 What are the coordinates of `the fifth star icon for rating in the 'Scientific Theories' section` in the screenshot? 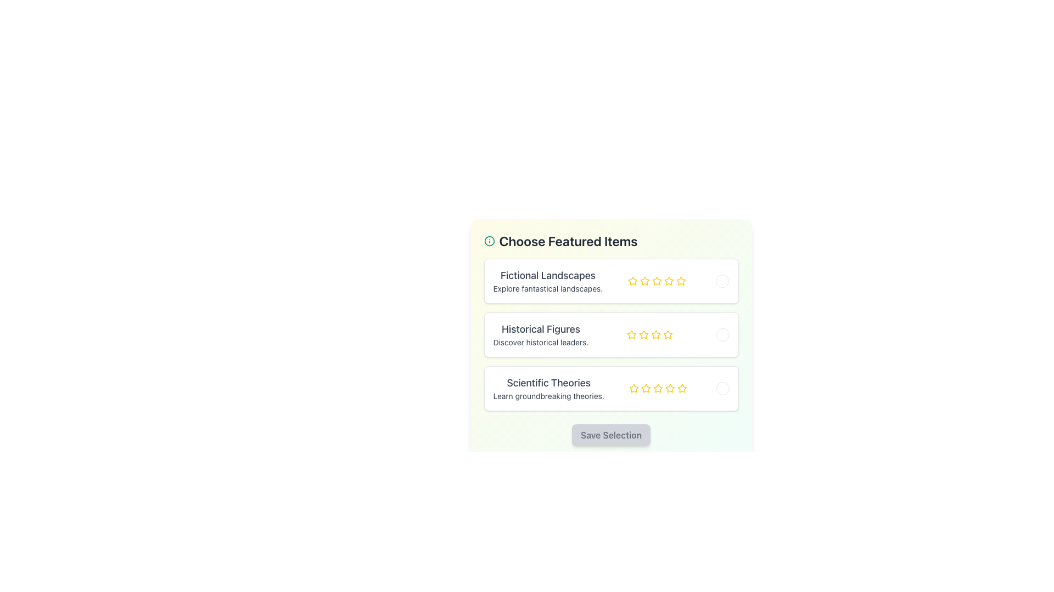 It's located at (681, 388).